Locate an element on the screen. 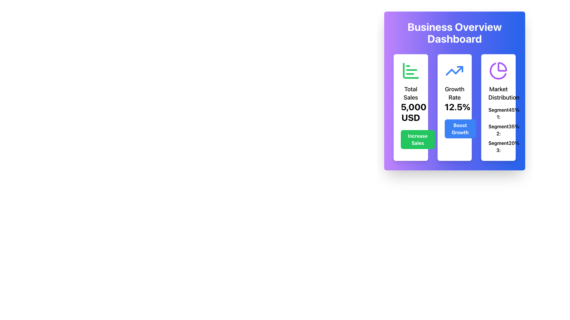 This screenshot has height=320, width=570. the text label element displaying '35%' which is positioned to the right of 'Segment 2:' in the 'Market Distribution' section of the dashboard is located at coordinates (514, 130).